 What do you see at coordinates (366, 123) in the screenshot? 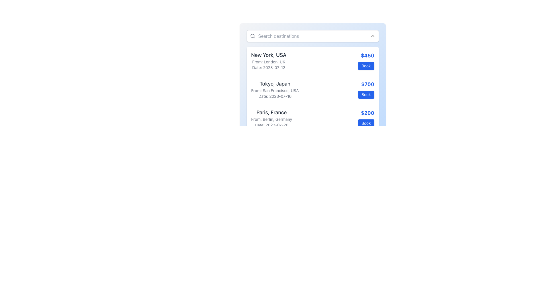
I see `the 'Book' button with blue background and white text located in the bottom-right corner of the Paris information section for keyboard interaction` at bounding box center [366, 123].